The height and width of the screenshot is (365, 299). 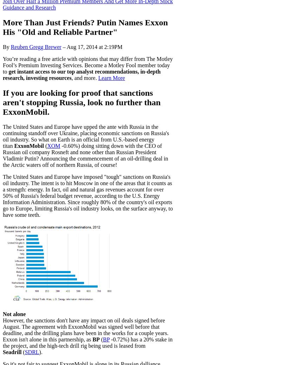 What do you see at coordinates (87, 195) in the screenshot?
I see `'The United States and Europe have imposed "tough" sanctions on Russia's oil industry. The intent is to hit Moscow in one of the areas that it counts as a strength: energy. In fact, oil and natural gas revenues account for over 50% of Russia's federal budget revenue, according to the U.S. Energy Information Administration. Since roughly 80% of the country's oil exports go to Europe, limiting Russia's oil industry looks, on the surface anyway, to have some teeth.'` at bounding box center [87, 195].